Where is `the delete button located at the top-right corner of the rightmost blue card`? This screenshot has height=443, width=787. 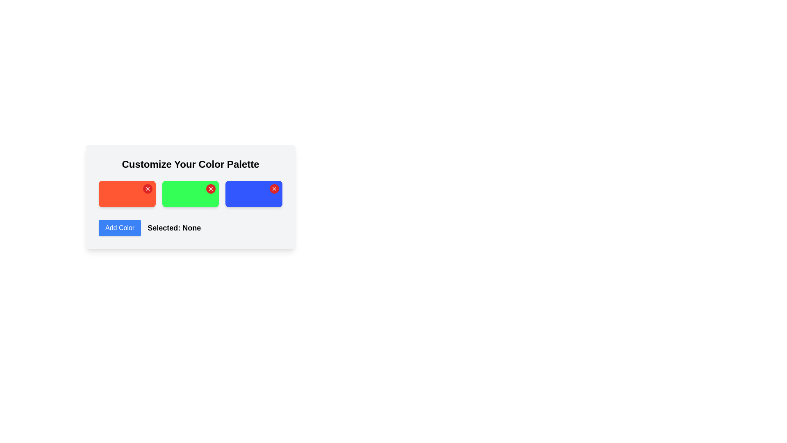
the delete button located at the top-right corner of the rightmost blue card is located at coordinates (274, 189).